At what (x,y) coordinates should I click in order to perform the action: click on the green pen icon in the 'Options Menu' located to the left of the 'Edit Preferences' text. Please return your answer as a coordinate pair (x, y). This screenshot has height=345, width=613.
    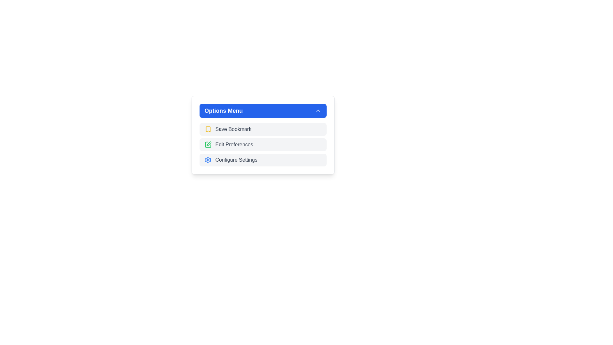
    Looking at the image, I should click on (208, 144).